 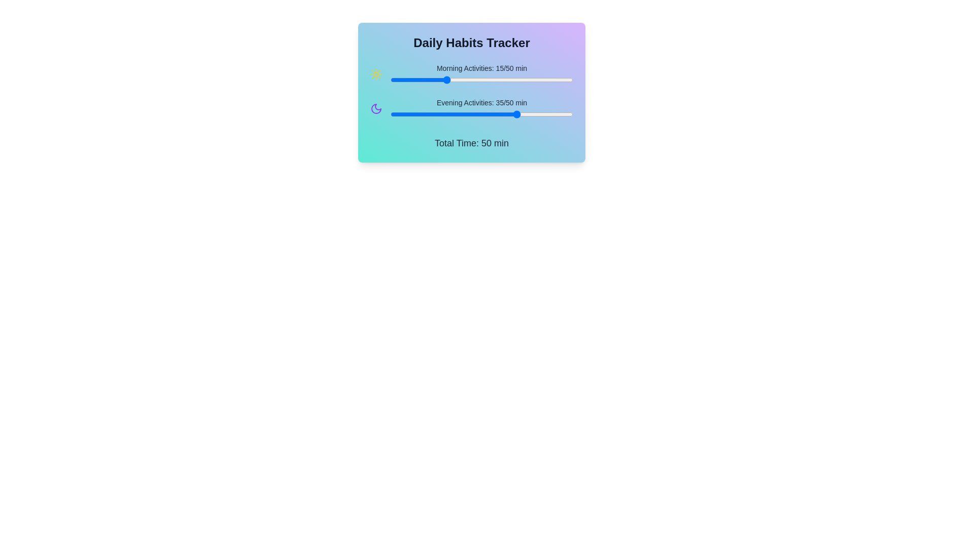 I want to click on evening activity time, so click(x=394, y=114).